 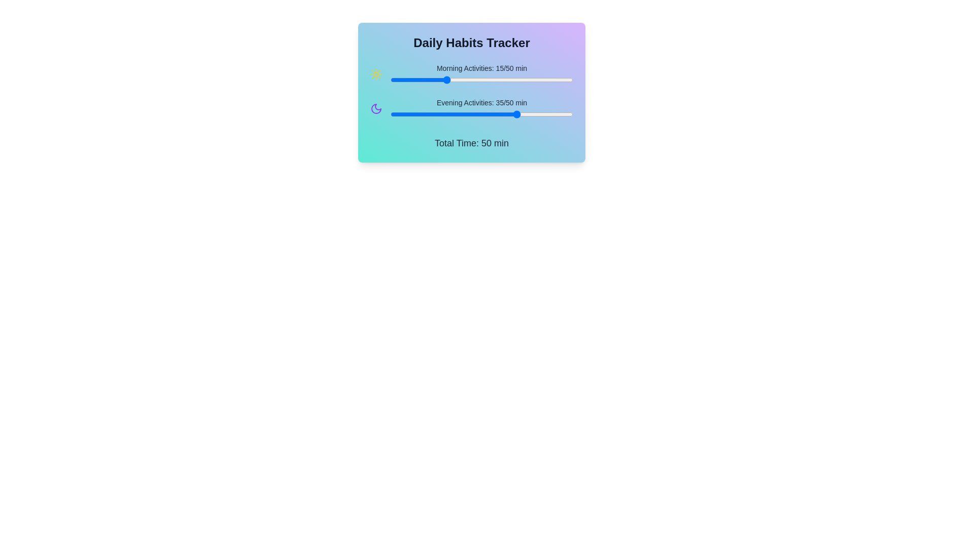 I want to click on evening activity time, so click(x=394, y=114).